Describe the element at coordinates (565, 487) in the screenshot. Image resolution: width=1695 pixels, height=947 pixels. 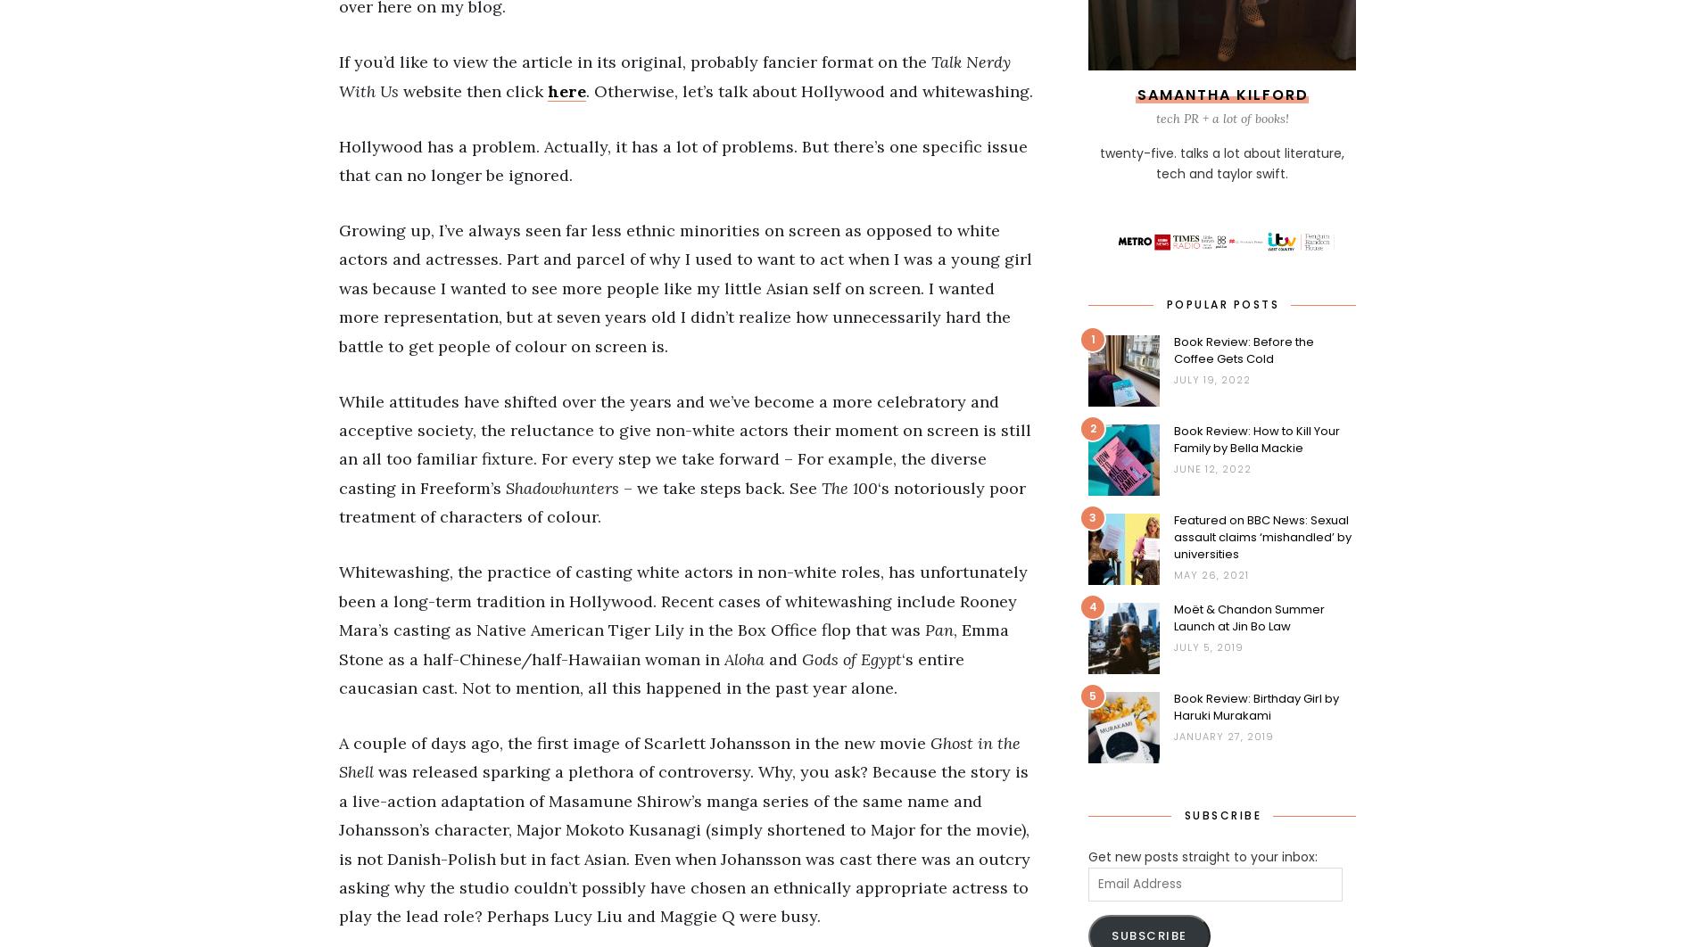
I see `'Shadowhunters'` at that location.